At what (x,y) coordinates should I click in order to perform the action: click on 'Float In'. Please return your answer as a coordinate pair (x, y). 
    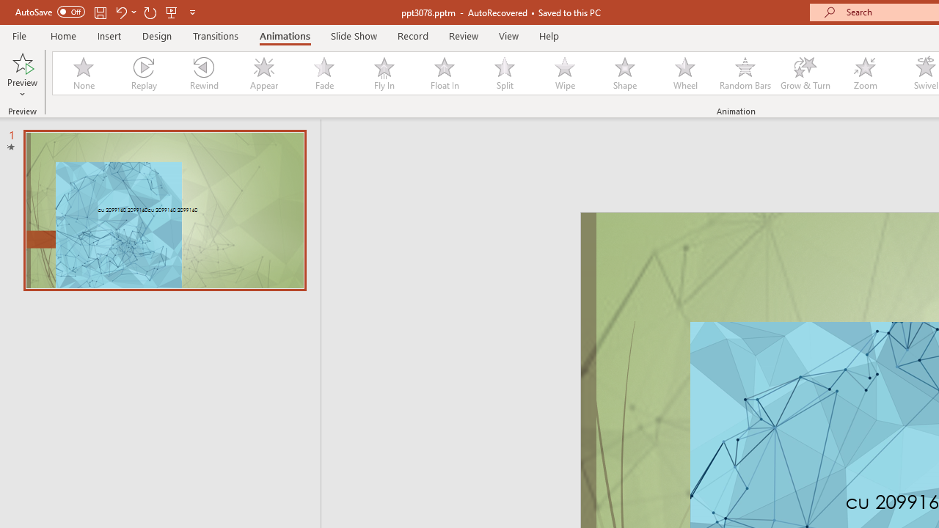
    Looking at the image, I should click on (443, 73).